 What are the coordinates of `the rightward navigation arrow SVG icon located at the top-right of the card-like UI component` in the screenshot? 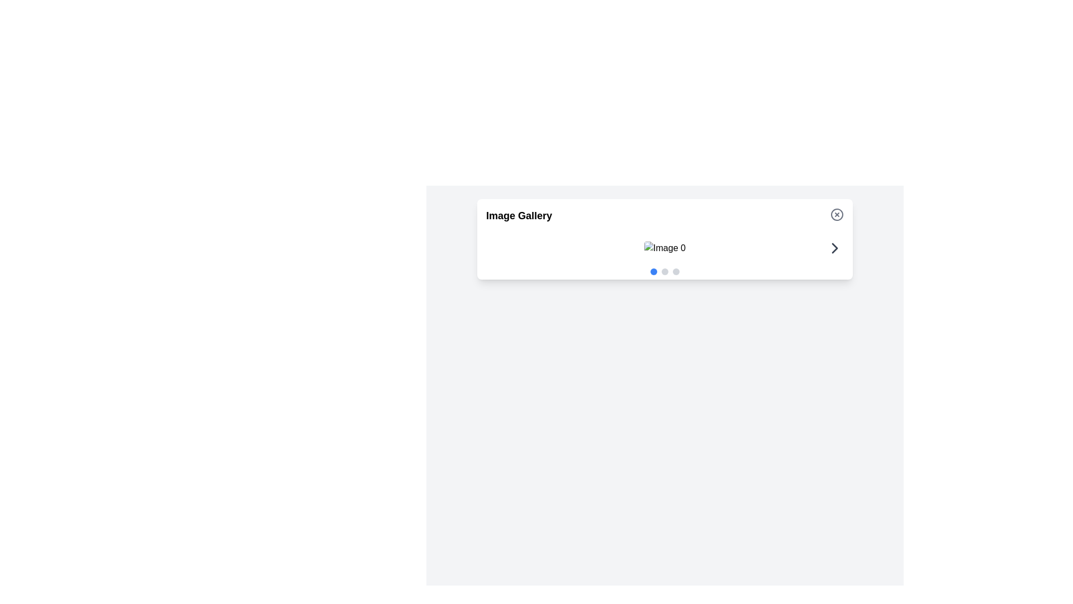 It's located at (834, 247).